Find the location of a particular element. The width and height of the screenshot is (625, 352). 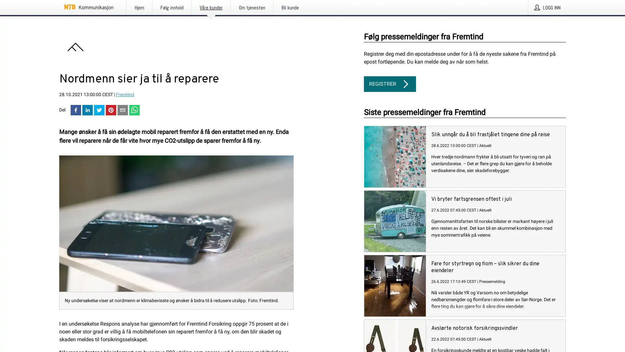

facebook is located at coordinates (76, 110).